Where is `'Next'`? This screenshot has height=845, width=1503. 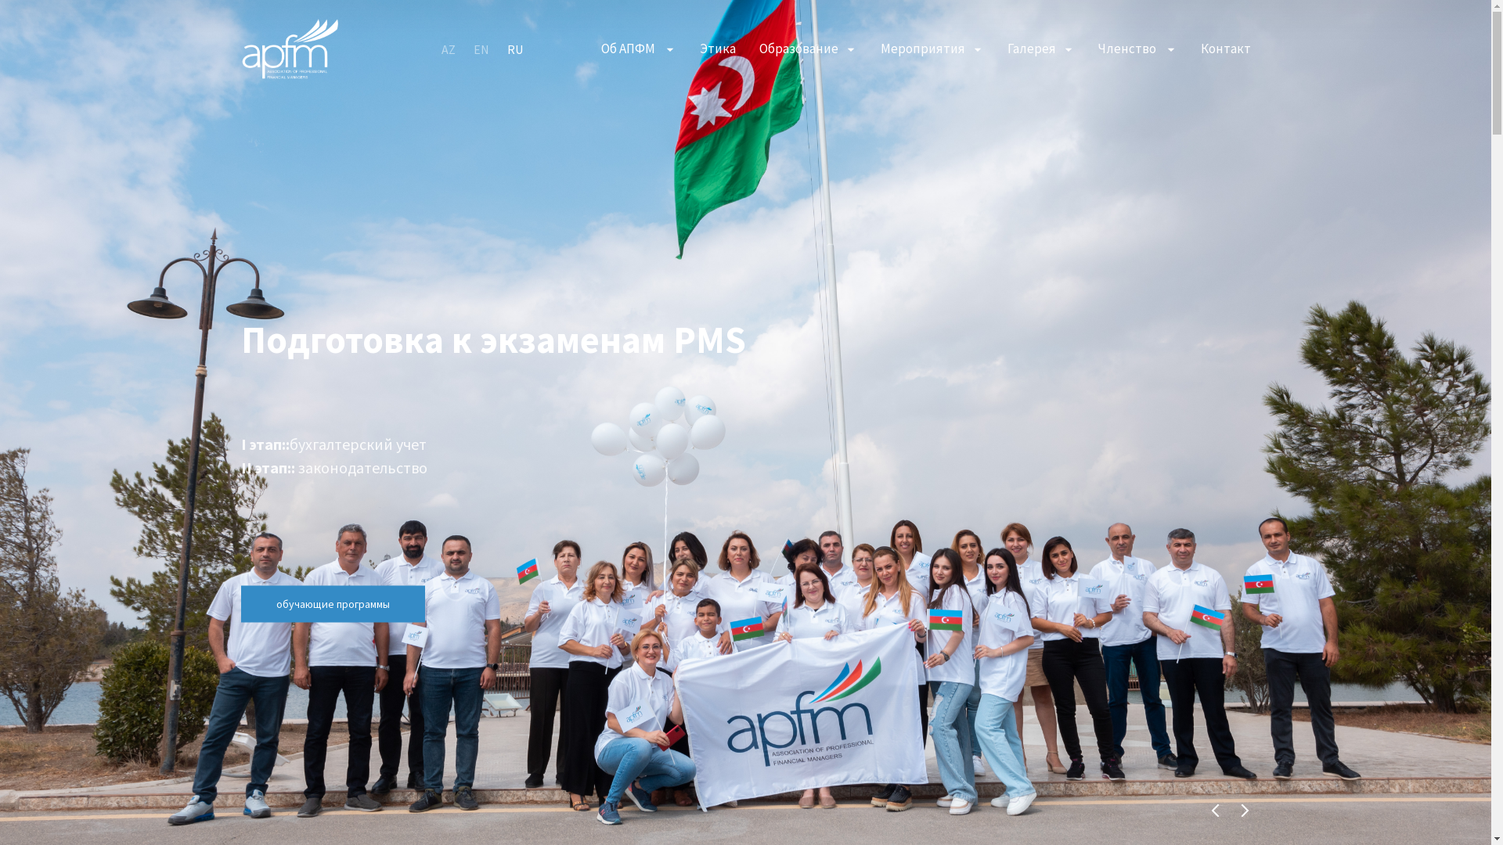 'Next' is located at coordinates (1234, 811).